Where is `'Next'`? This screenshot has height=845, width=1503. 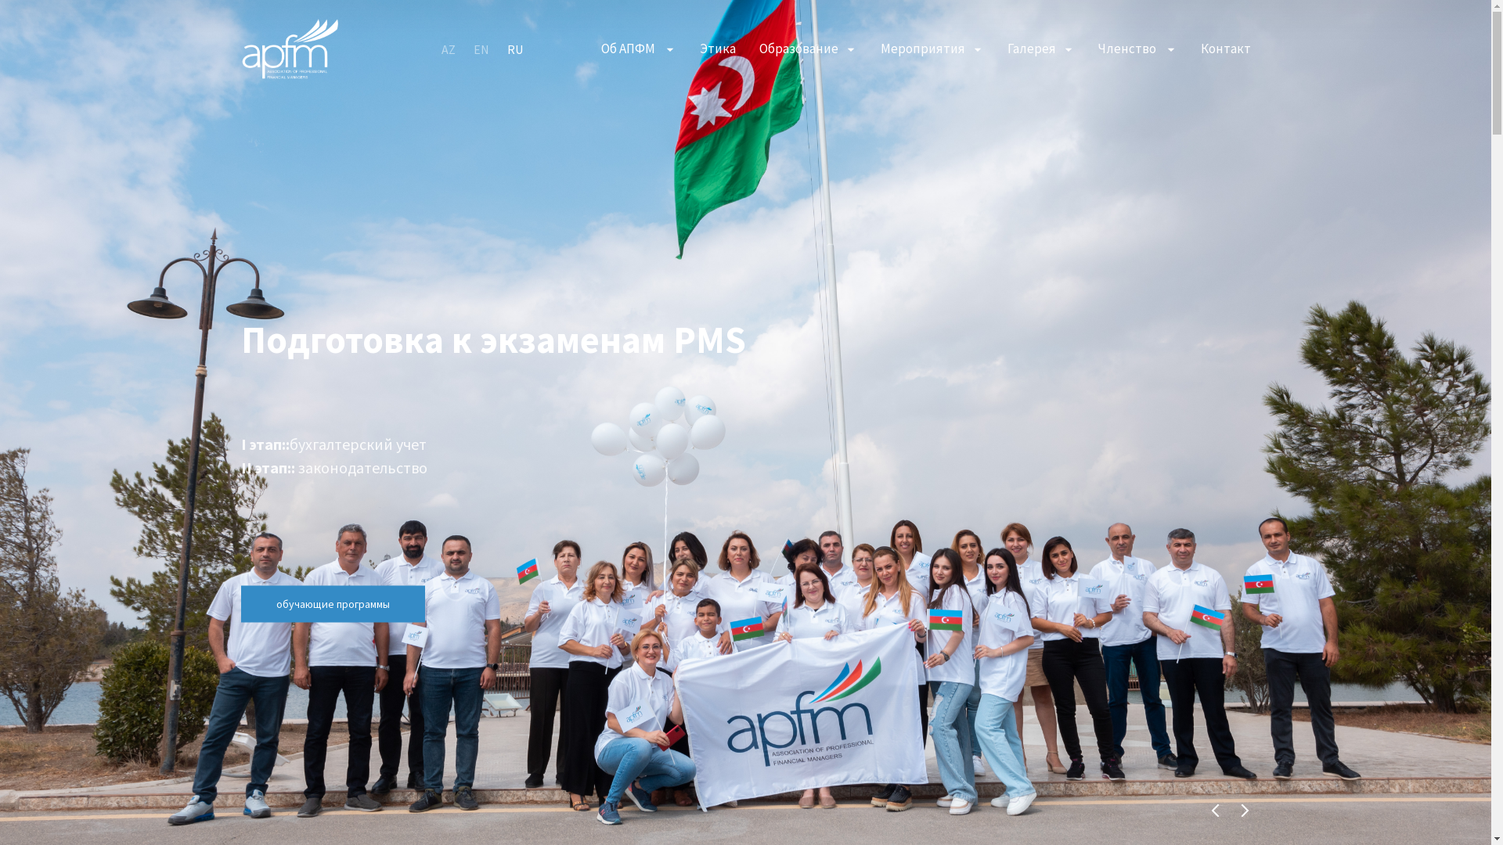 'Next' is located at coordinates (1234, 811).